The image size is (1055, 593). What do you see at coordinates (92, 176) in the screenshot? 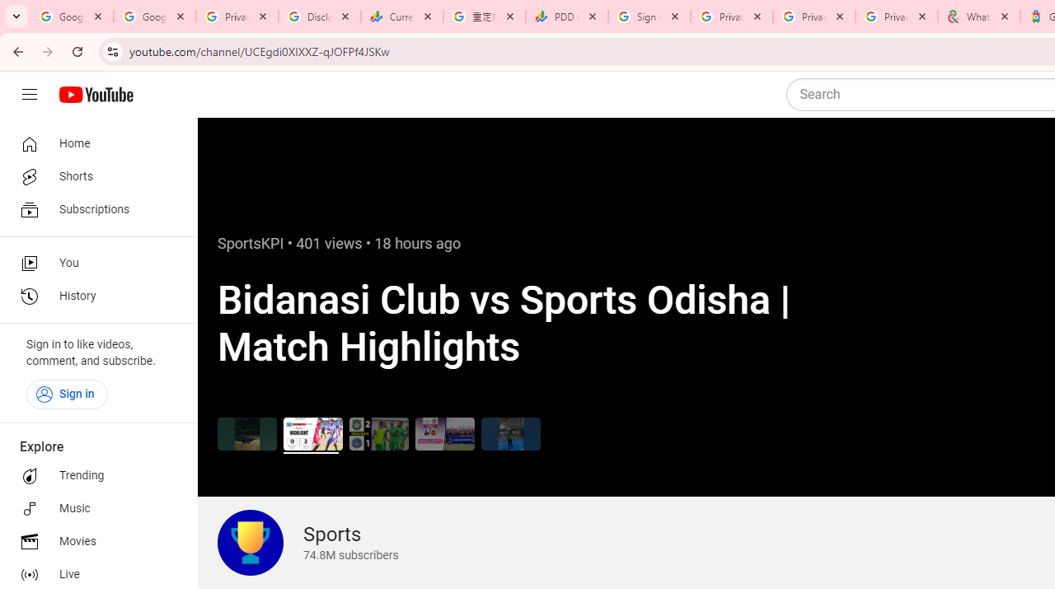
I see `'Shorts'` at bounding box center [92, 176].